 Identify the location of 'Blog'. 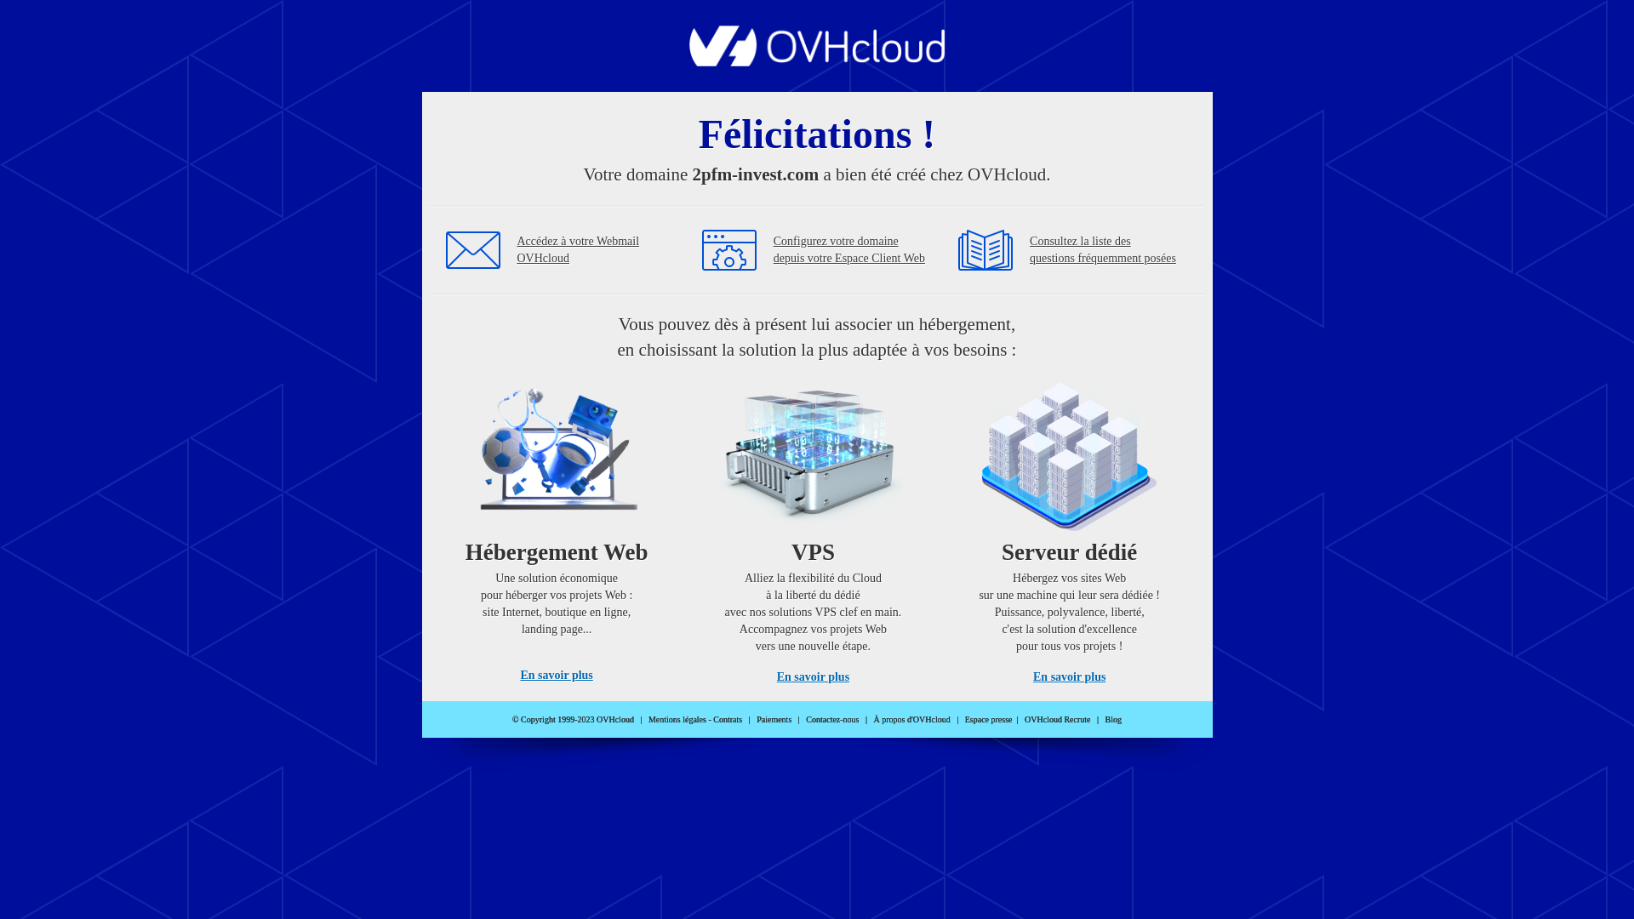
(1113, 719).